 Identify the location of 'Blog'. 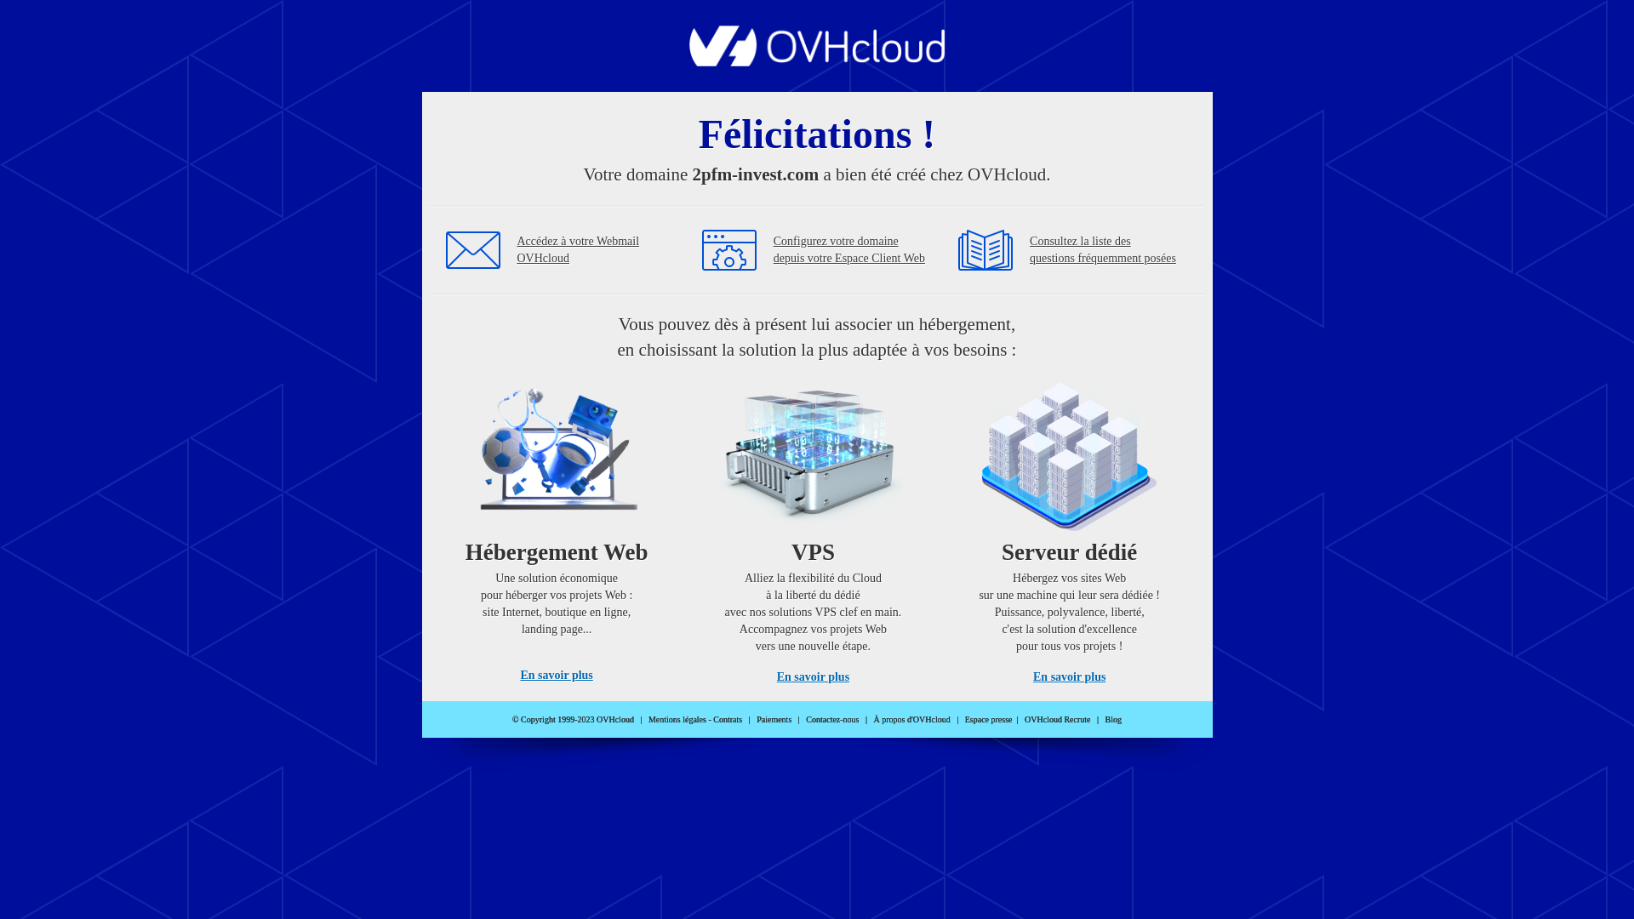
(1113, 719).